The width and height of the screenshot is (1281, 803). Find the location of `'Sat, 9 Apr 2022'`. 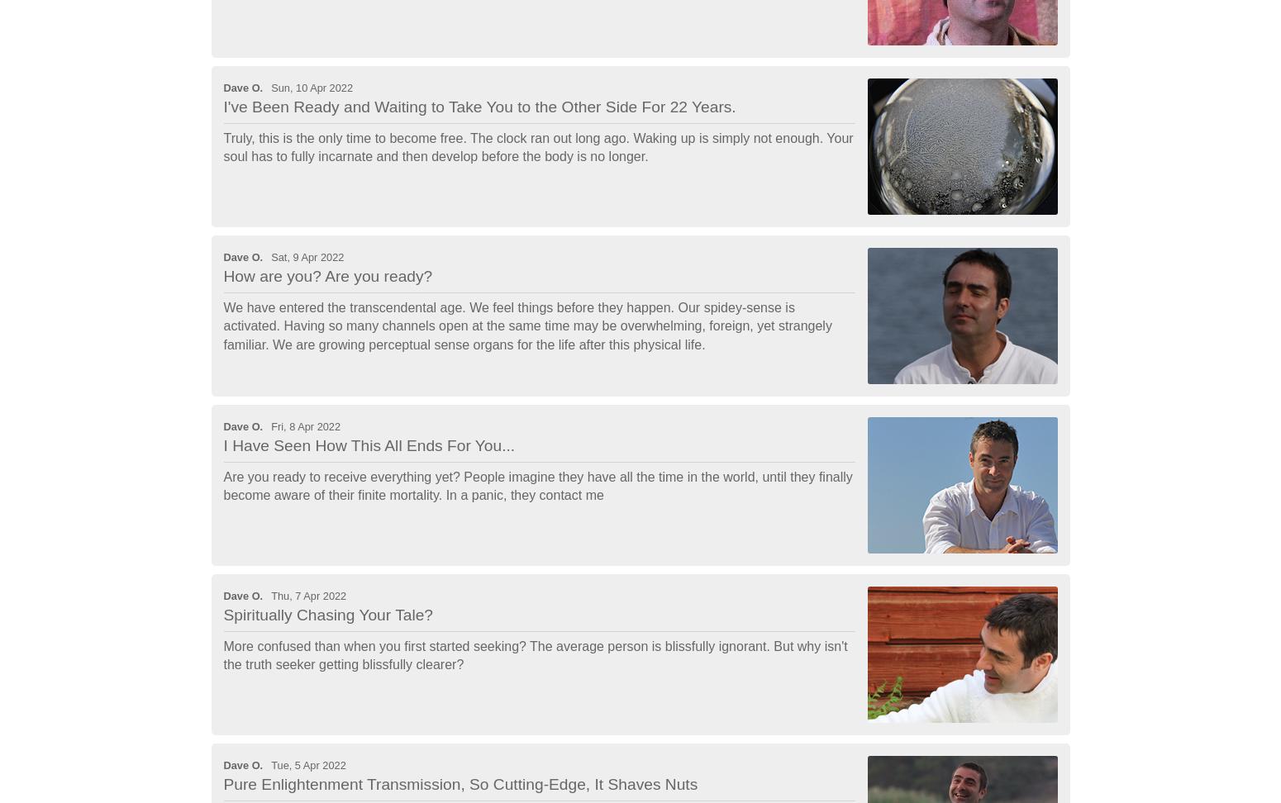

'Sat, 9 Apr 2022' is located at coordinates (307, 255).